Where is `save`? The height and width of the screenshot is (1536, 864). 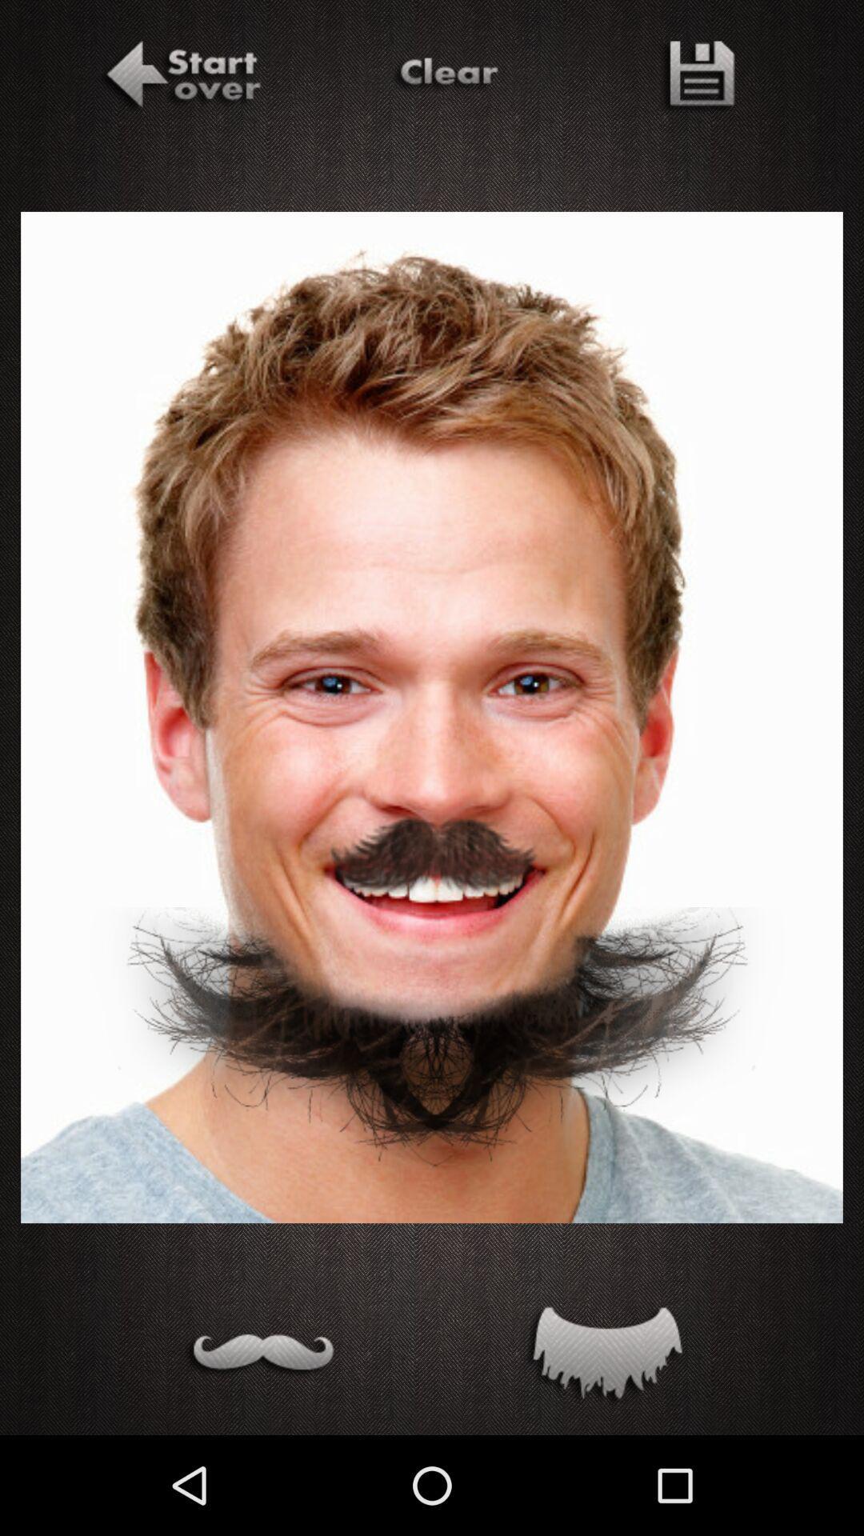
save is located at coordinates (696, 77).